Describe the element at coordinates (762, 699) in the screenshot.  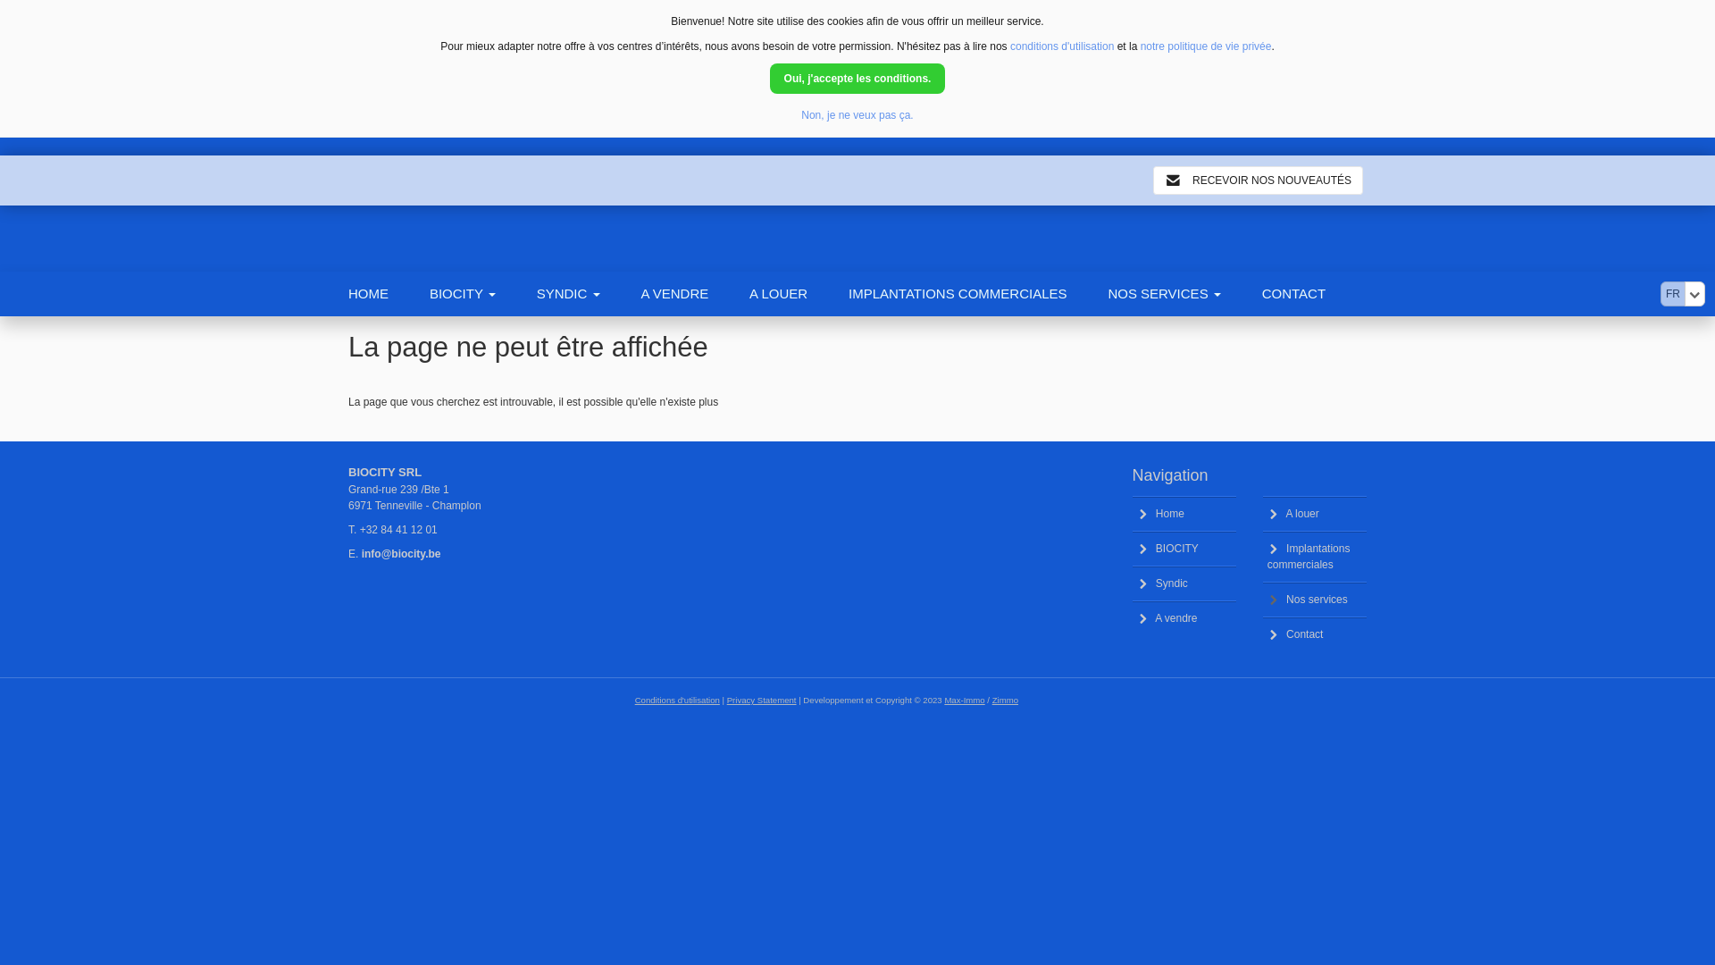
I see `'Privacy Statement'` at that location.